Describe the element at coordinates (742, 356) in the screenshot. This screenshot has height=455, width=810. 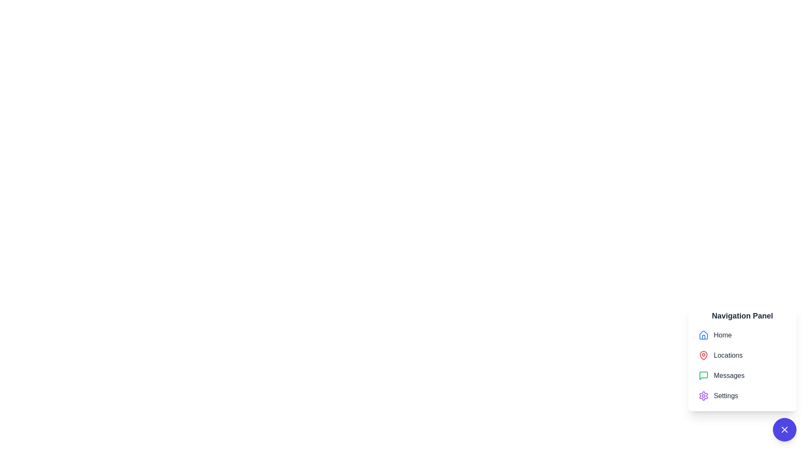
I see `the 'Locations' navigational link, which is the second option in the vertical panel, featuring a red map pin icon and bold dark gray text` at that location.